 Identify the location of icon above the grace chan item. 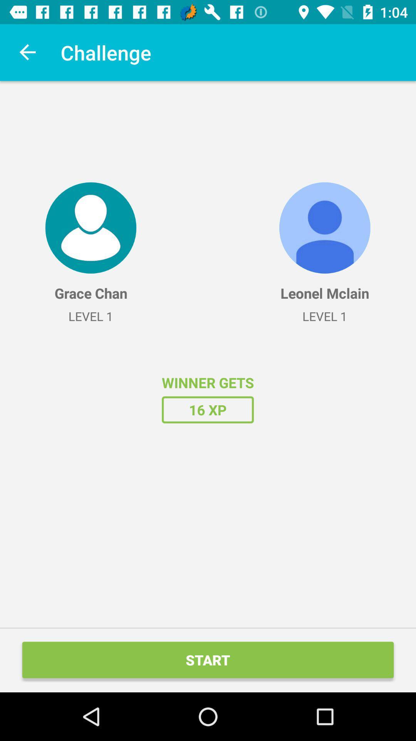
(90, 227).